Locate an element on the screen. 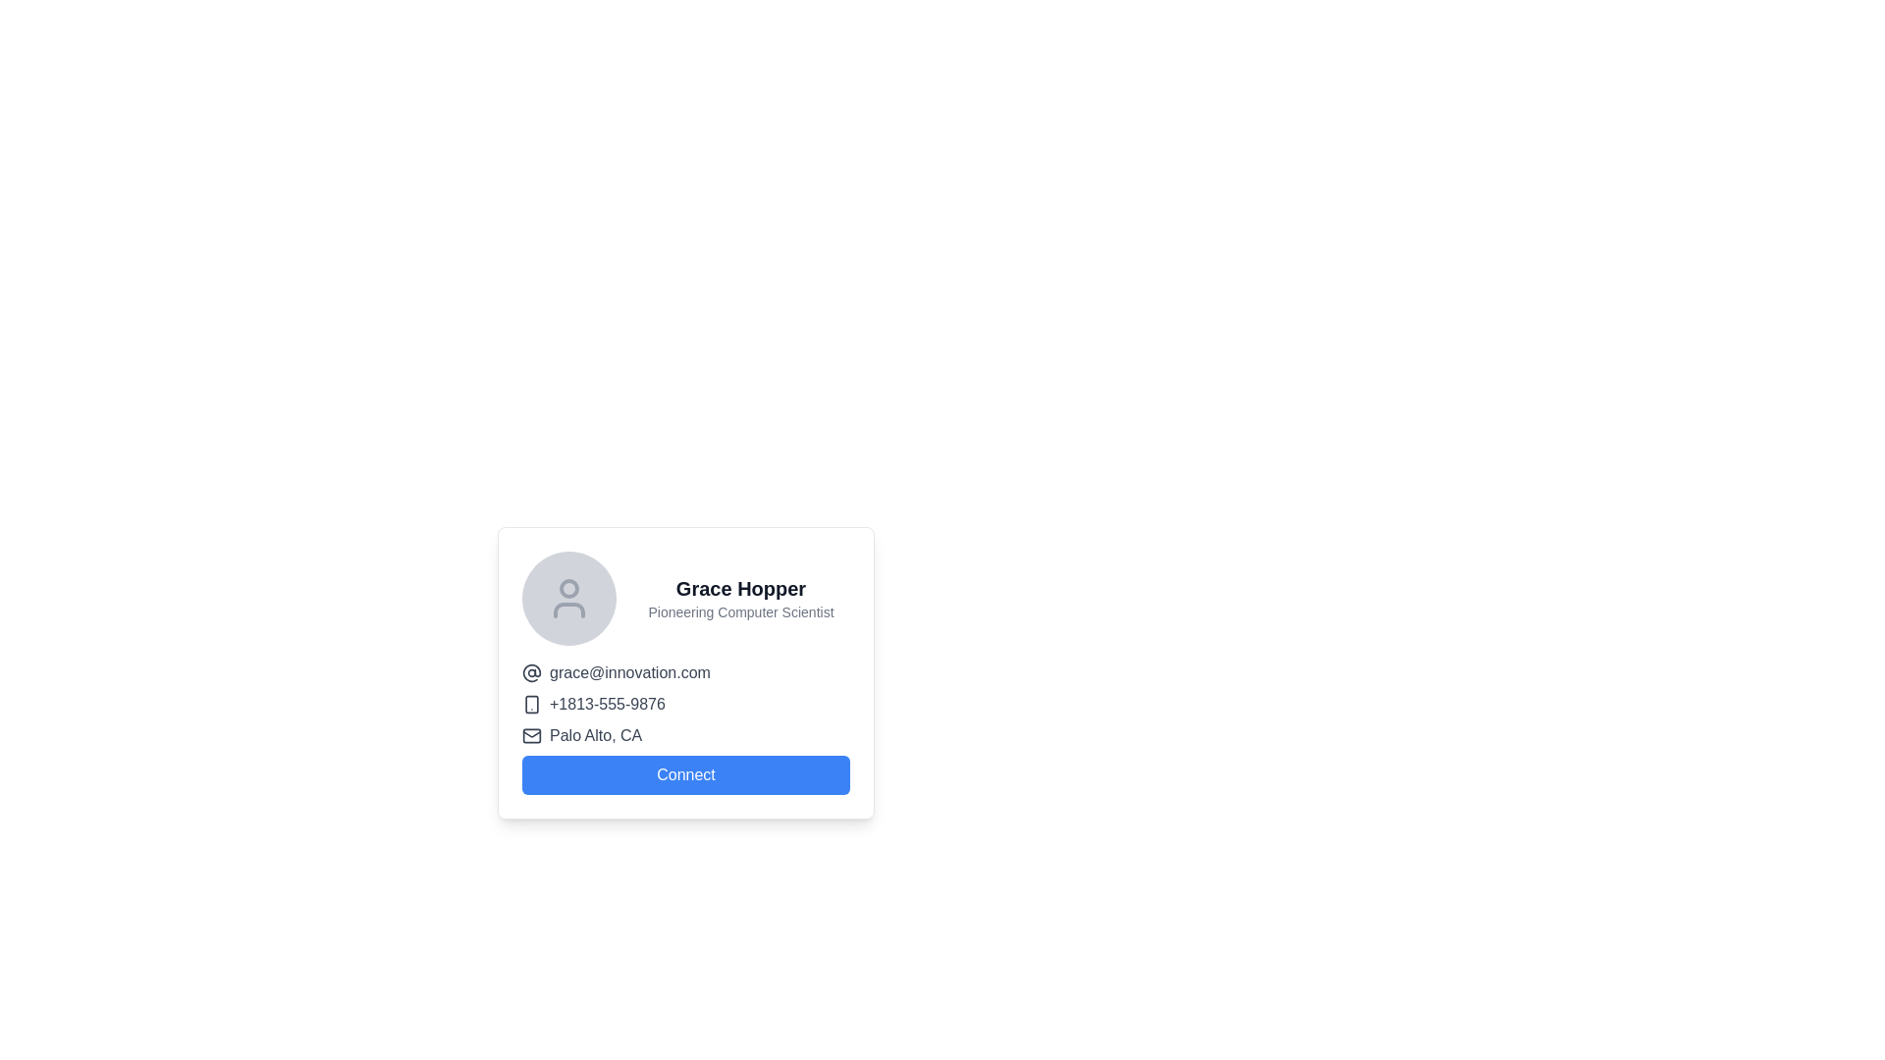 This screenshot has width=1885, height=1060. the rectangular element representing the body of the envelope in the mail icon, located above the text 'Palo Alto, CA' is located at coordinates (532, 735).